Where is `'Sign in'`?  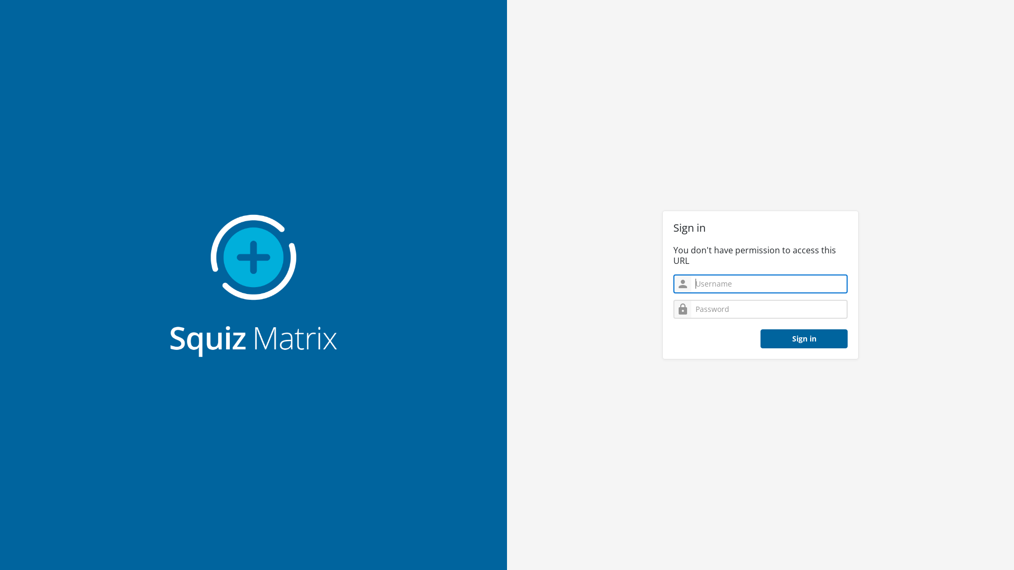 'Sign in' is located at coordinates (803, 338).